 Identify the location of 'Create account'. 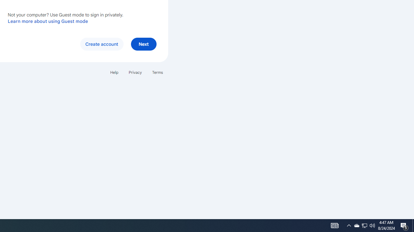
(101, 43).